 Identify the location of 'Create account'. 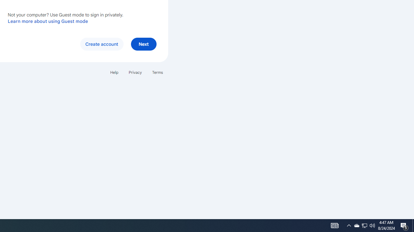
(101, 43).